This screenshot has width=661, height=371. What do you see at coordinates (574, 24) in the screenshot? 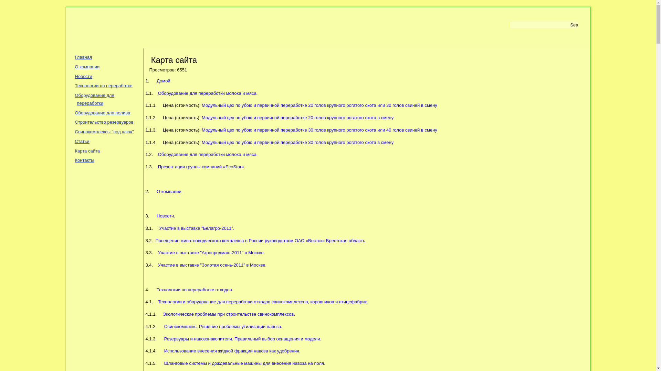
I see `'Search'` at bounding box center [574, 24].